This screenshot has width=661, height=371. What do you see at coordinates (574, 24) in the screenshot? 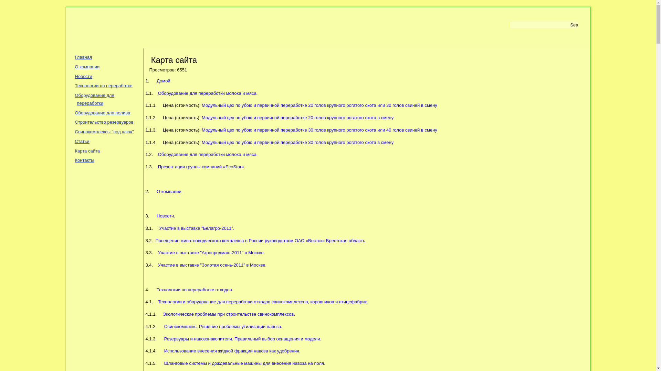
I see `'Search'` at bounding box center [574, 24].